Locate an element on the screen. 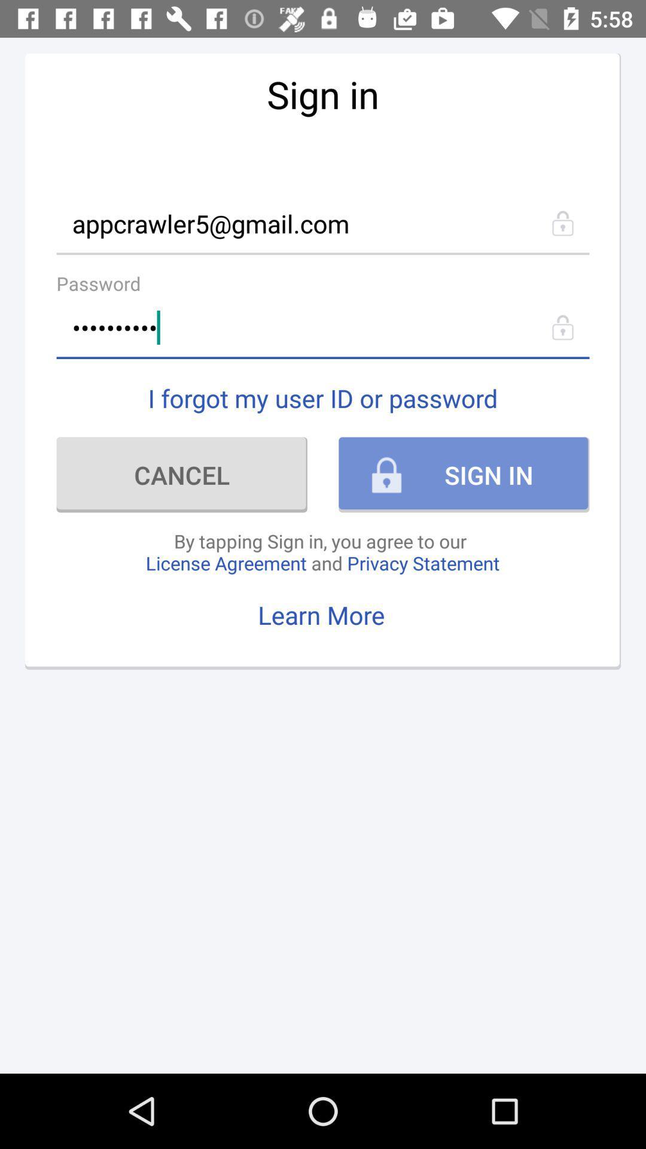 The height and width of the screenshot is (1149, 646). item above by tapping sign is located at coordinates (182, 474).